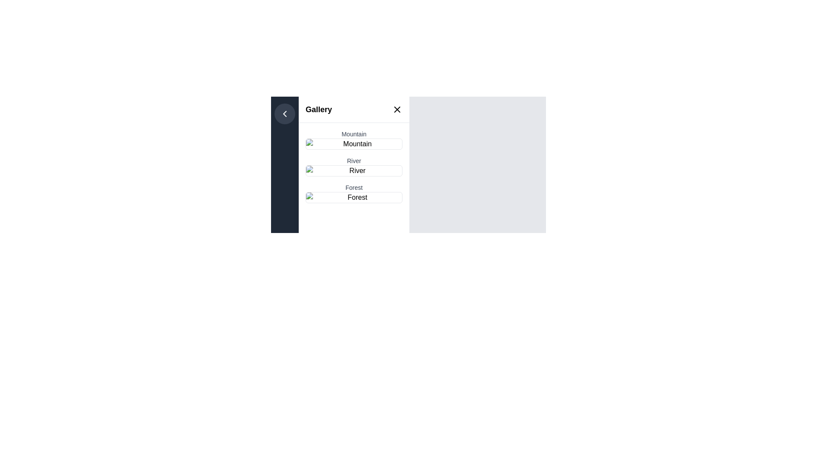 The image size is (830, 466). I want to click on the navigation button located at the top of the vertical sidebar on the left-hand side of the interface, so click(284, 113).